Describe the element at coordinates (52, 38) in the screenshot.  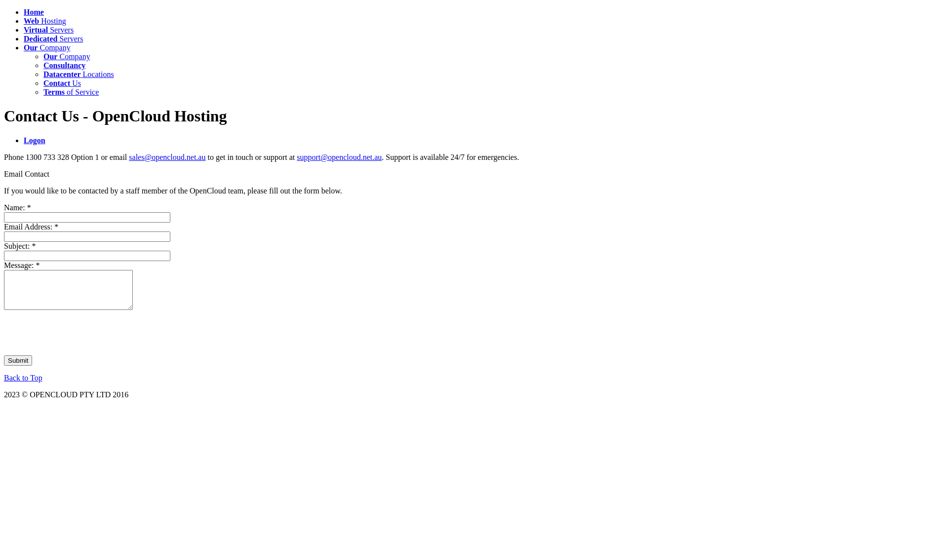
I see `'Dedicated Servers'` at that location.